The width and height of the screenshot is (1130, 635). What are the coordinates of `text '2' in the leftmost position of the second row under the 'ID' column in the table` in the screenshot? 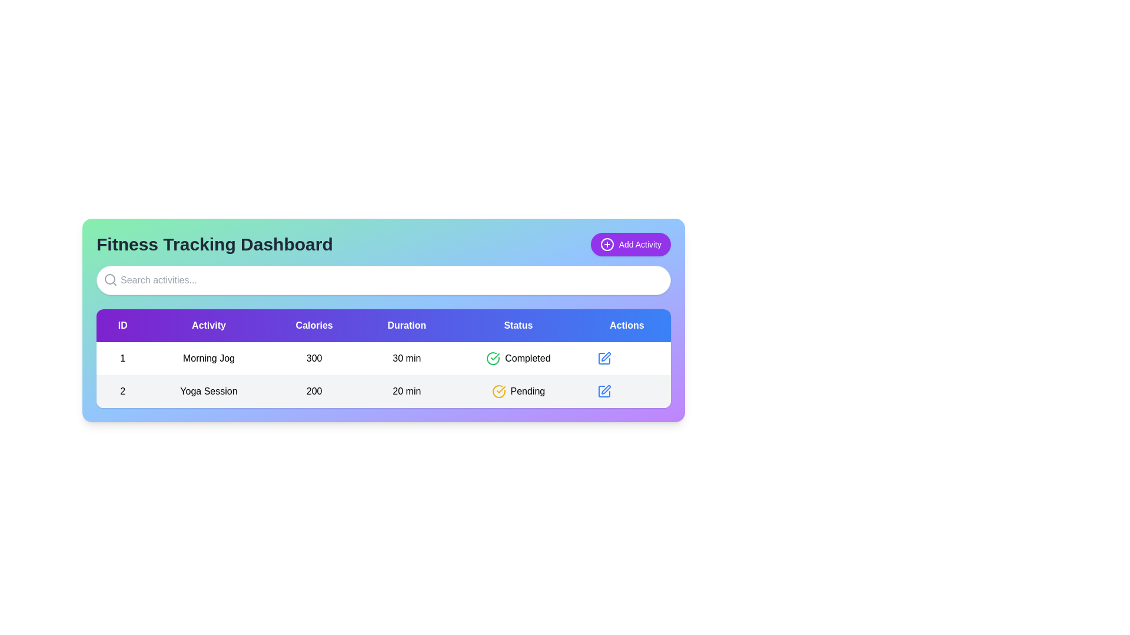 It's located at (122, 392).